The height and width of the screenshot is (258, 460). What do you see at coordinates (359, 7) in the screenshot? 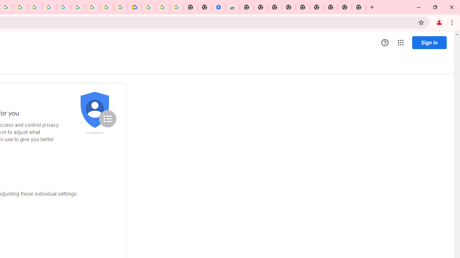
I see `'New Tab'` at bounding box center [359, 7].